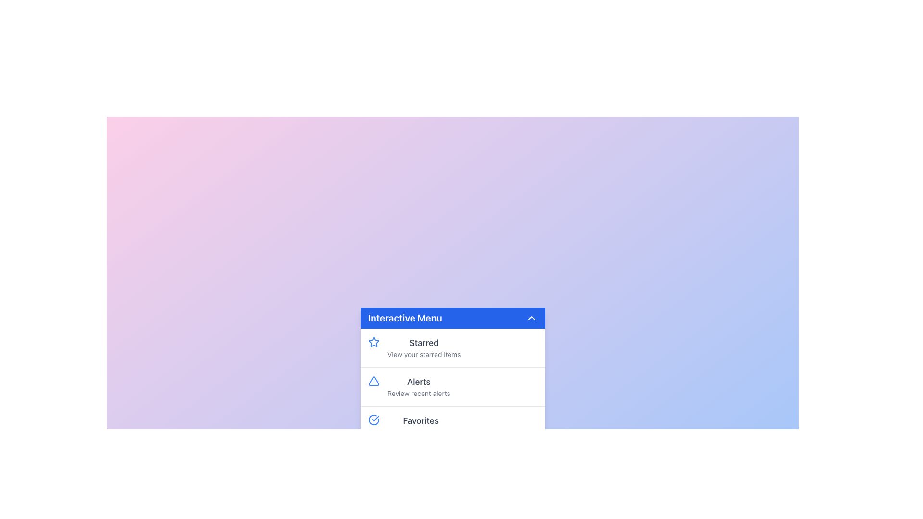 Image resolution: width=923 pixels, height=519 pixels. I want to click on the leftmost icon indicating the selected or completed state for the 'Favorites' option in the menu, so click(373, 420).